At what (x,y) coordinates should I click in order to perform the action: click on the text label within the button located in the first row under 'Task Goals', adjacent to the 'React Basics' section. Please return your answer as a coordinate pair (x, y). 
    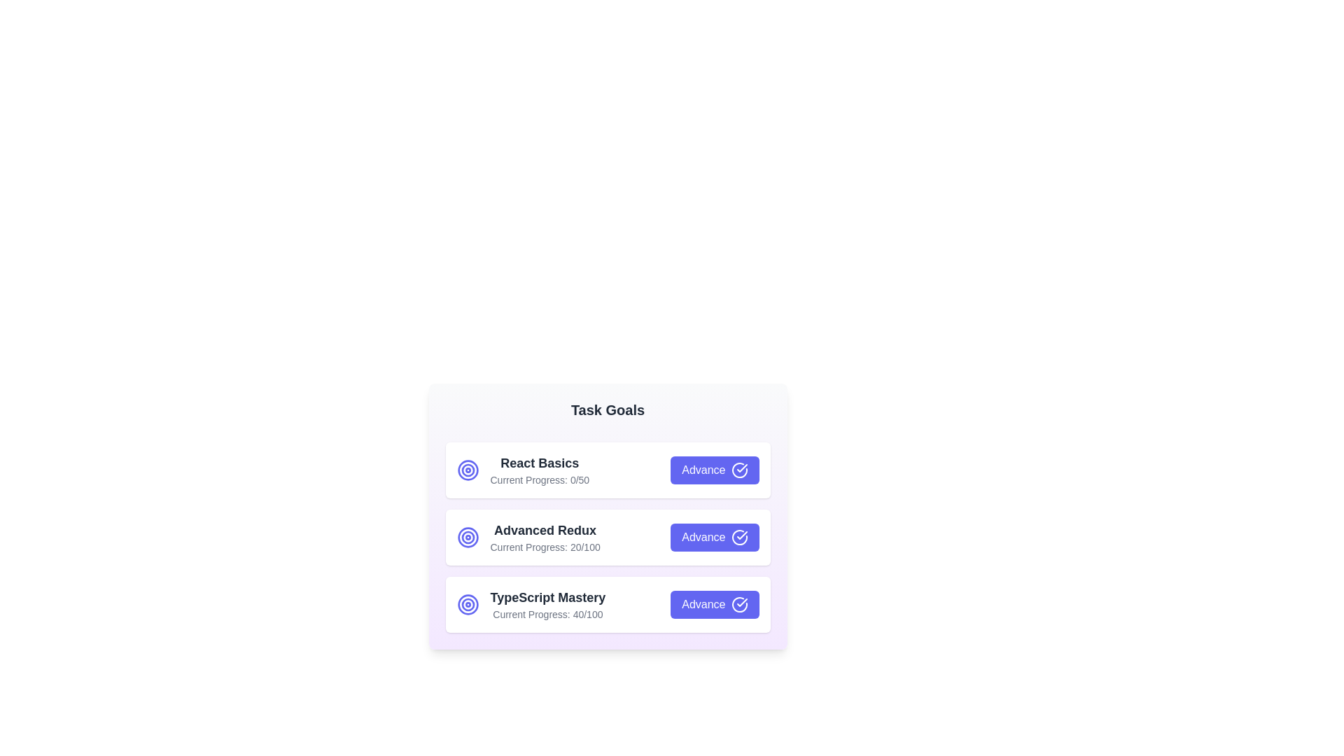
    Looking at the image, I should click on (703, 470).